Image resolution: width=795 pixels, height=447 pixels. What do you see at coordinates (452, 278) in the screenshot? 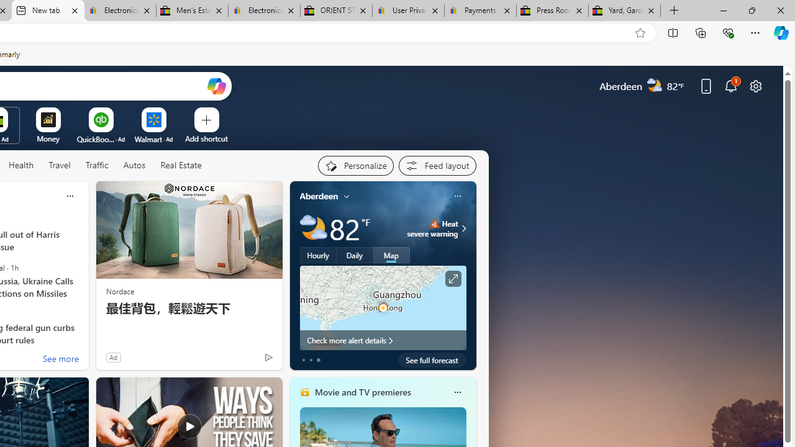
I see `'Click to see more information'` at bounding box center [452, 278].